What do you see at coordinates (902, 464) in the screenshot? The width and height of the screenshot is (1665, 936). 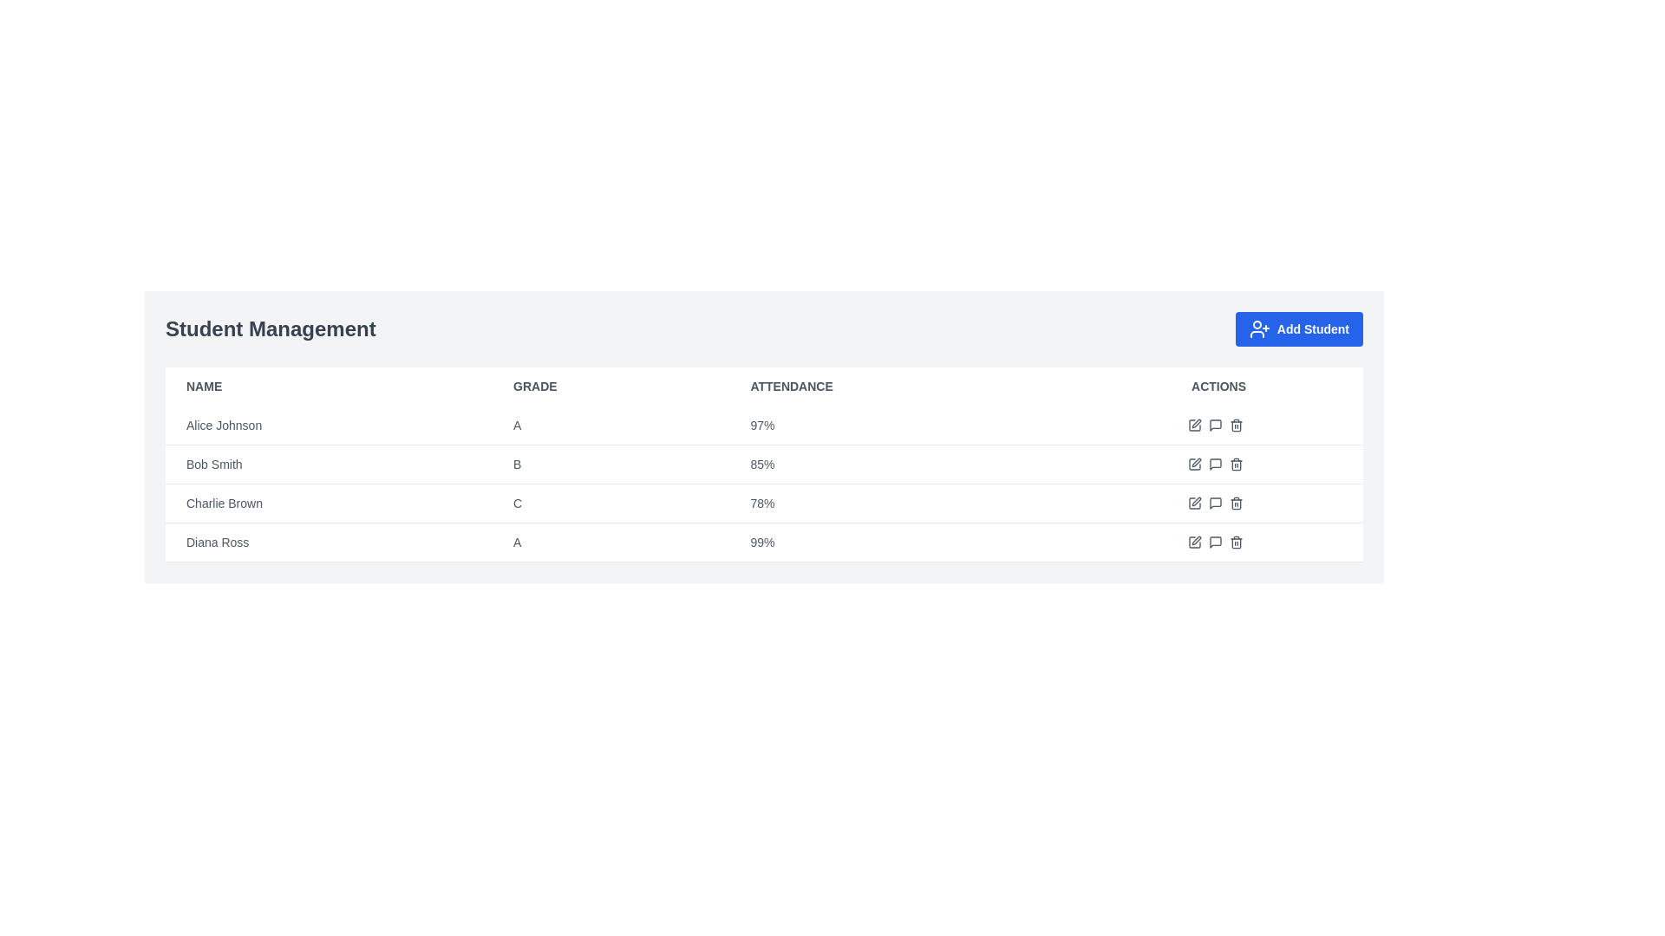 I see `text '85%' displayed in bold black font located in the 'ATTENDANCE' column of the table, specifically in the third column of the second row` at bounding box center [902, 464].